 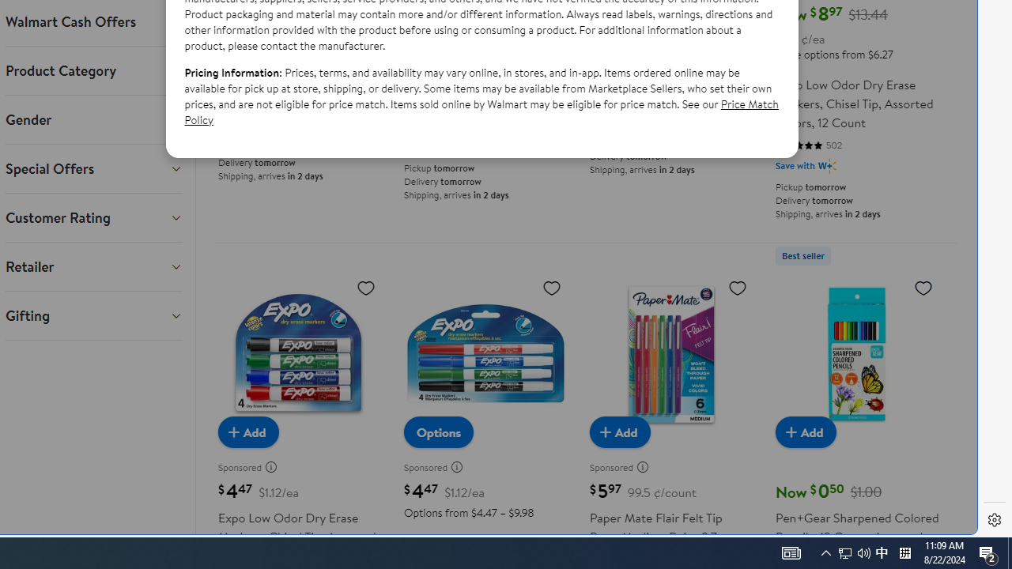 What do you see at coordinates (825, 552) in the screenshot?
I see `'Notification Chevron'` at bounding box center [825, 552].